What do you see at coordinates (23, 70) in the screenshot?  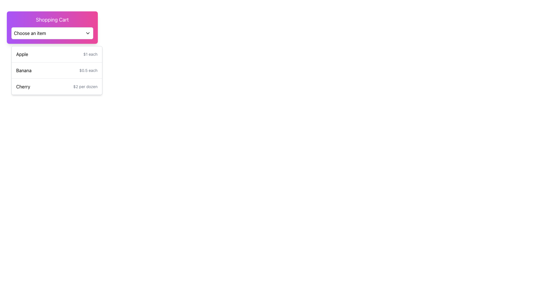 I see `the text label indicating the product name 'Banana' in the shopping cart dropdown menu, which is positioned between 'Apple' and 'Cherry'` at bounding box center [23, 70].